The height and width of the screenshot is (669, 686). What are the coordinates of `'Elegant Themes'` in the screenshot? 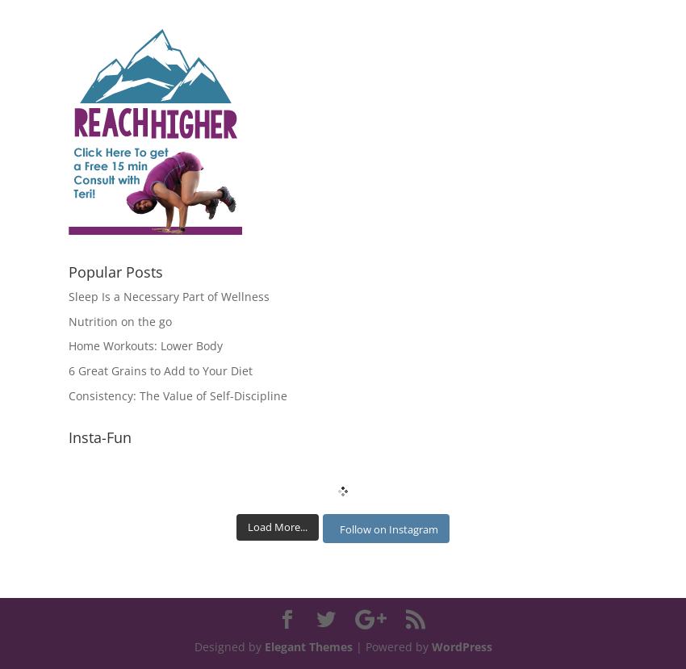 It's located at (307, 646).